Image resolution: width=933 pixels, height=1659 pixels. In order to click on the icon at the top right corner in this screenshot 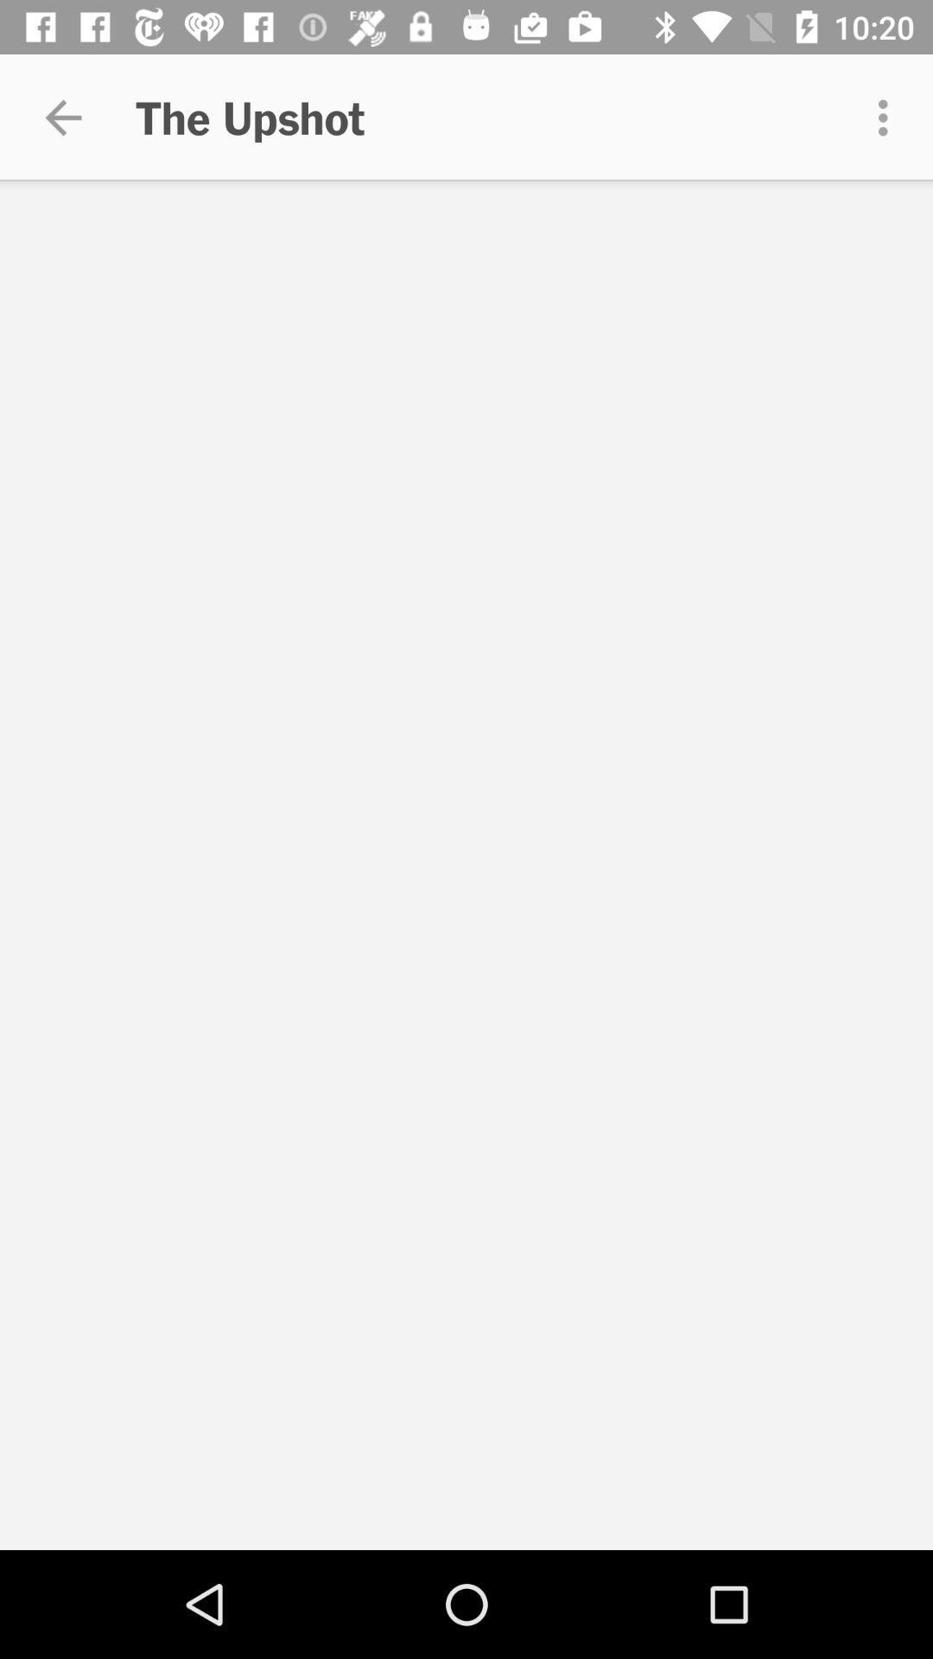, I will do `click(887, 117)`.